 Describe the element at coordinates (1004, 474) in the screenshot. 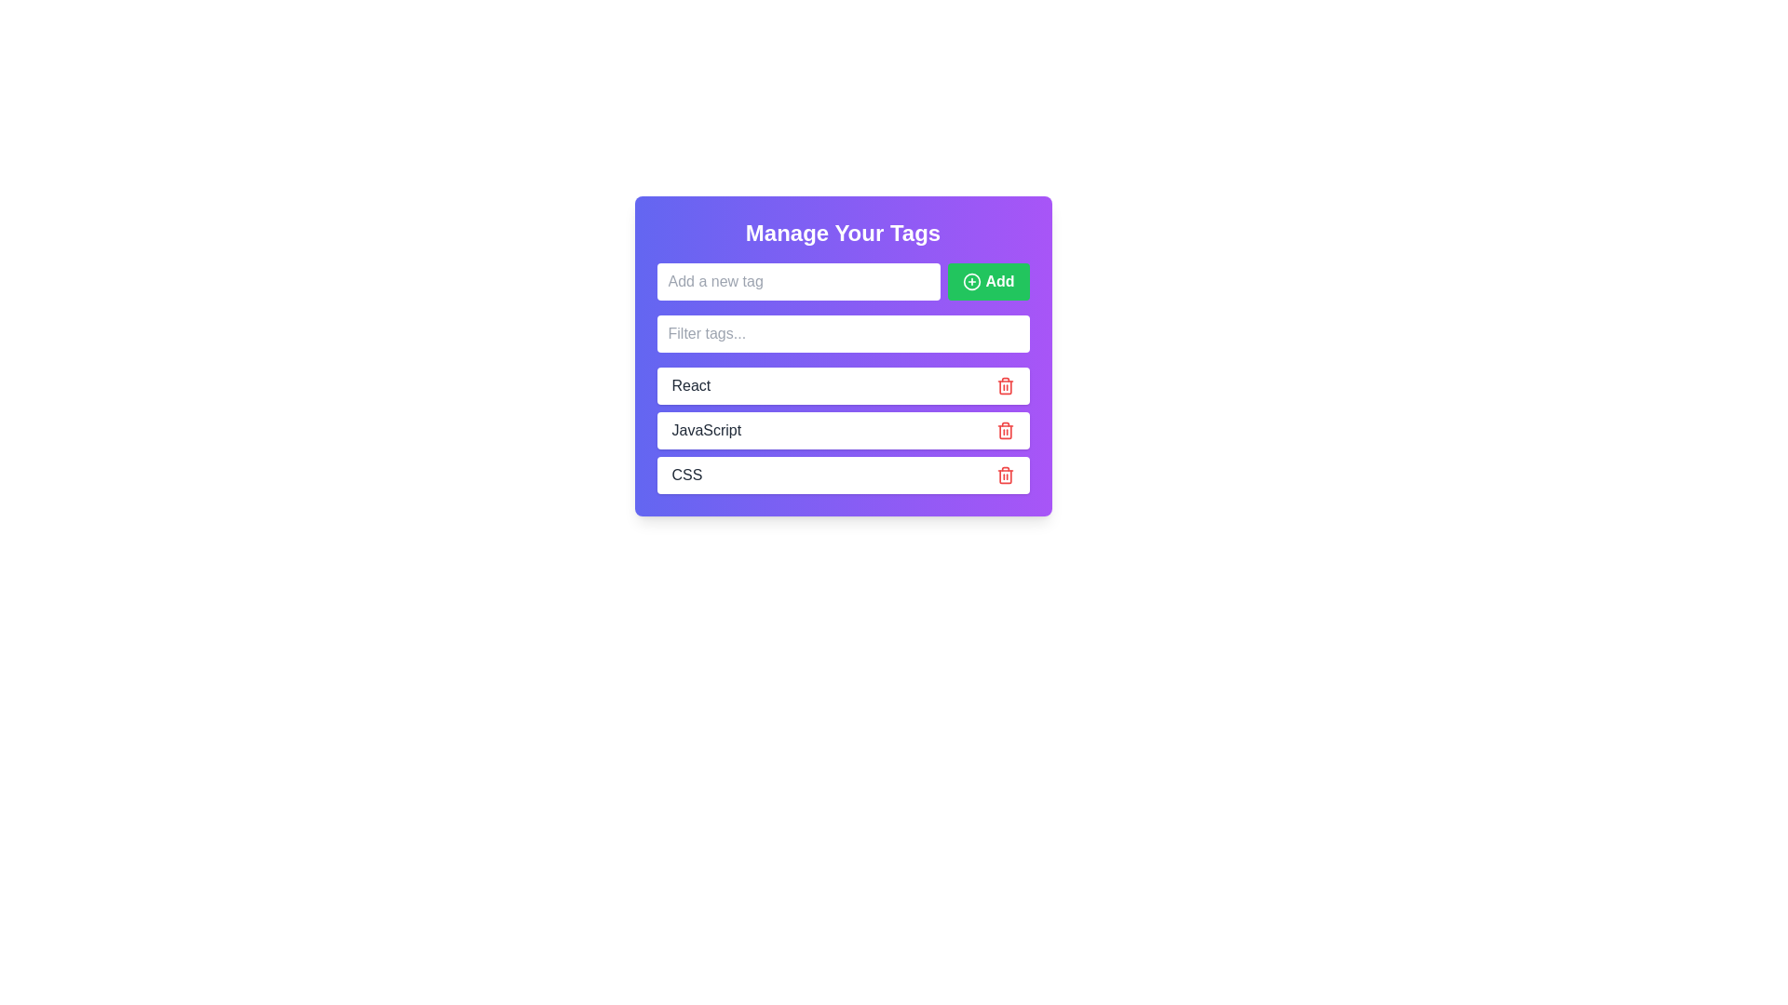

I see `the red-colored trash icon associated with the 'CSS' entry in the list to observe a change in color` at that location.